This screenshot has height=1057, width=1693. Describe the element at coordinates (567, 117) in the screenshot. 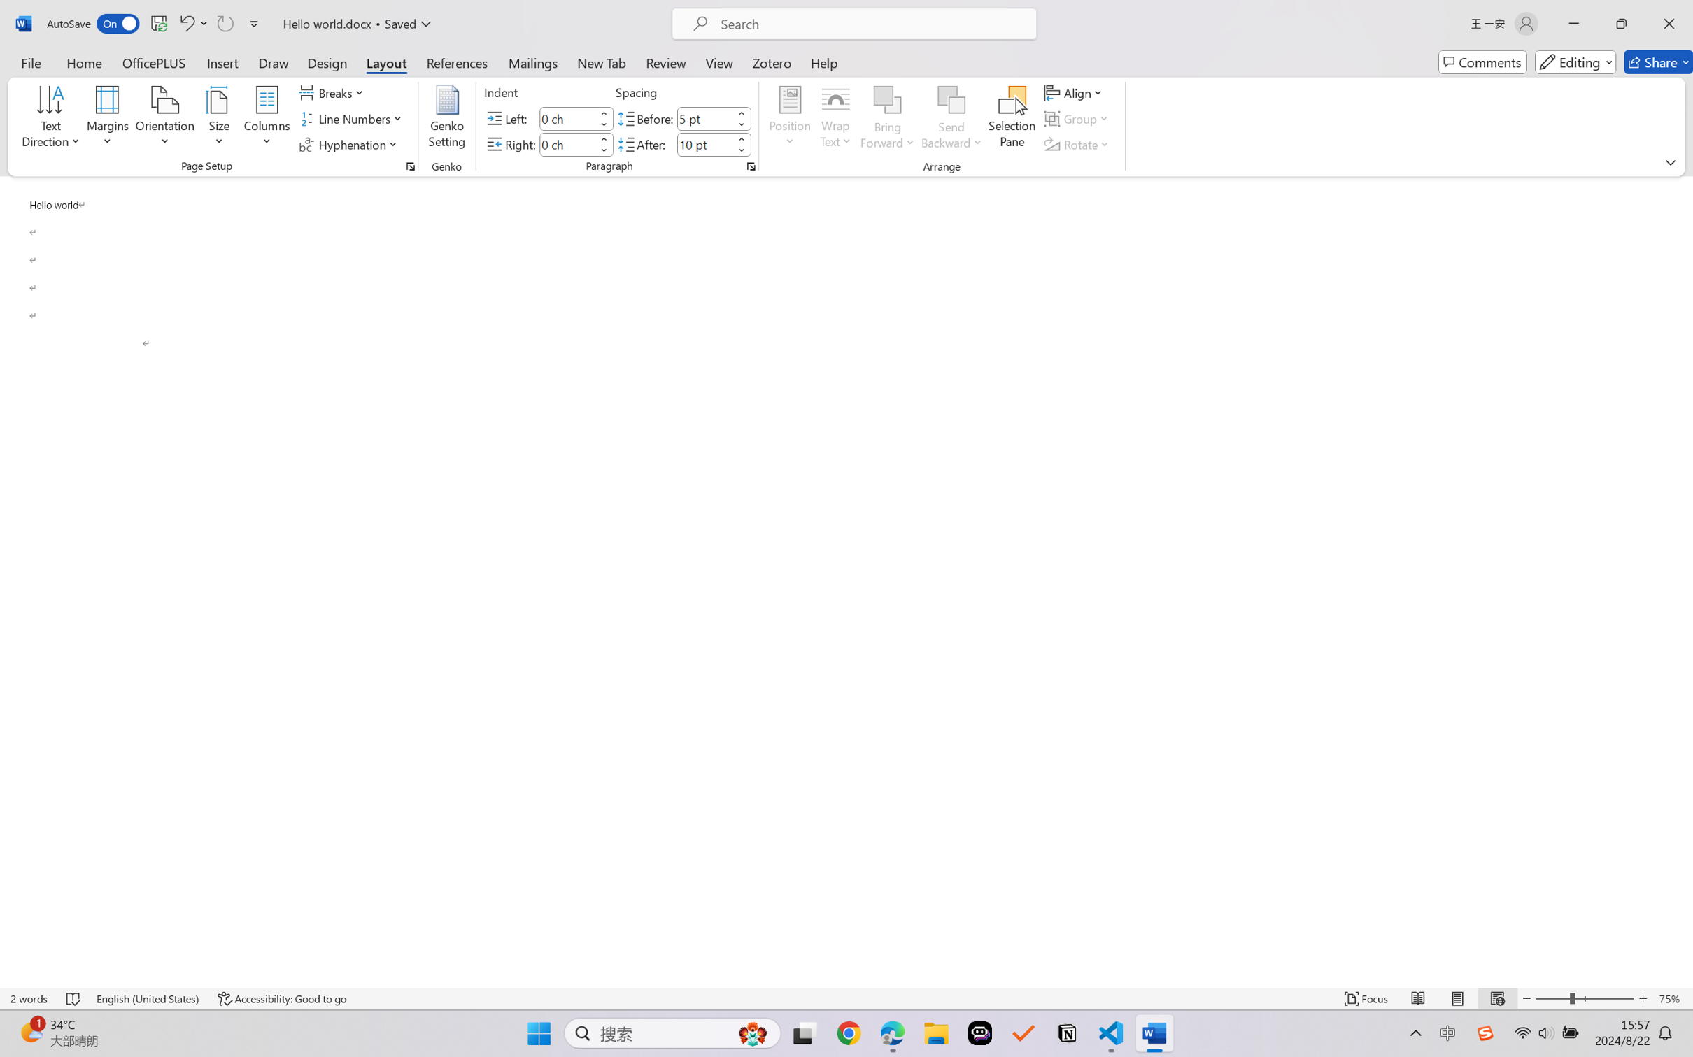

I see `'Indent Left'` at that location.